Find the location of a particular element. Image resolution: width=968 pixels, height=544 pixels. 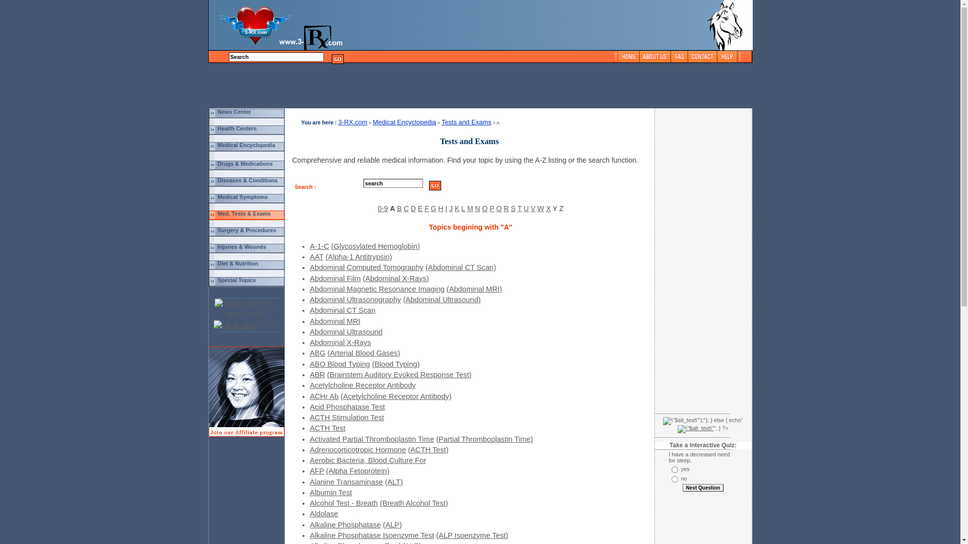

'Albumin Test' is located at coordinates (331, 492).